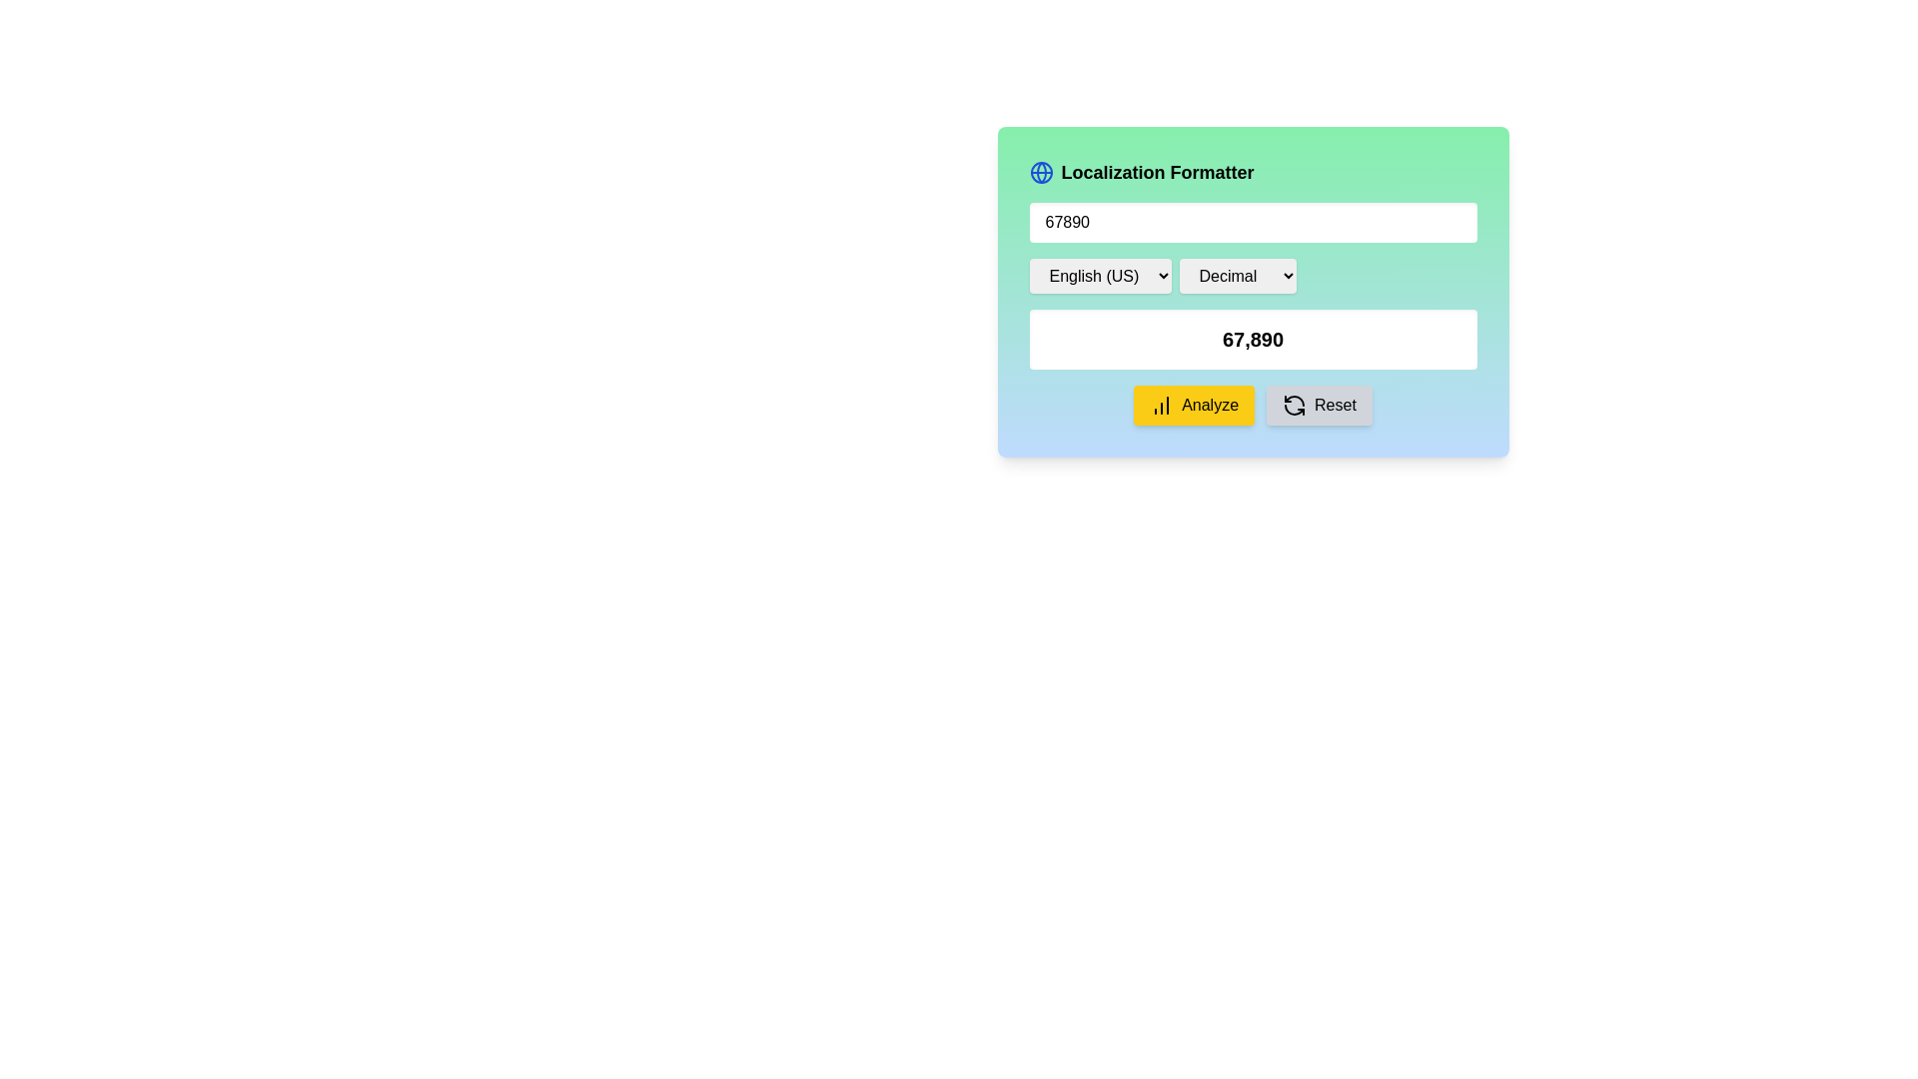 The image size is (1918, 1079). What do you see at coordinates (1162, 405) in the screenshot?
I see `the data analysis icon located on the left side of the yellow 'Analyze' button in the bottom right corner of the interface` at bounding box center [1162, 405].